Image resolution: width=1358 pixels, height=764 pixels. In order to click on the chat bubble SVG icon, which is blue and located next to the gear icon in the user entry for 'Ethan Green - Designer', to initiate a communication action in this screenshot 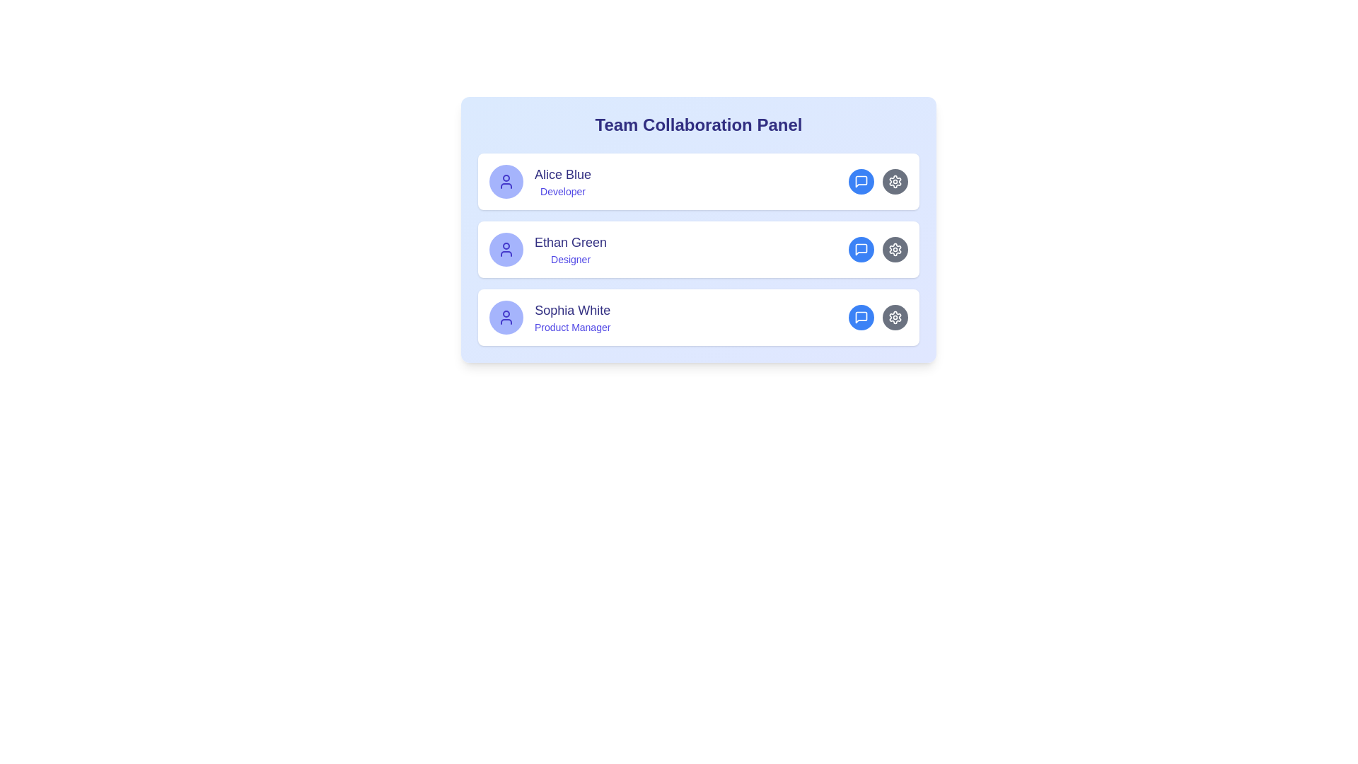, I will do `click(861, 249)`.